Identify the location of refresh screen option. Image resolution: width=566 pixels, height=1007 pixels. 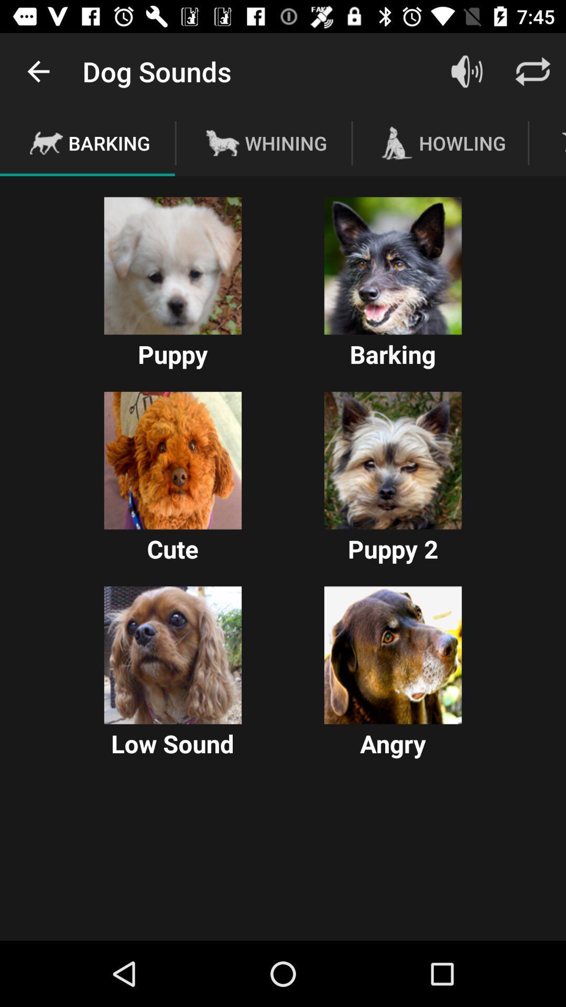
(533, 71).